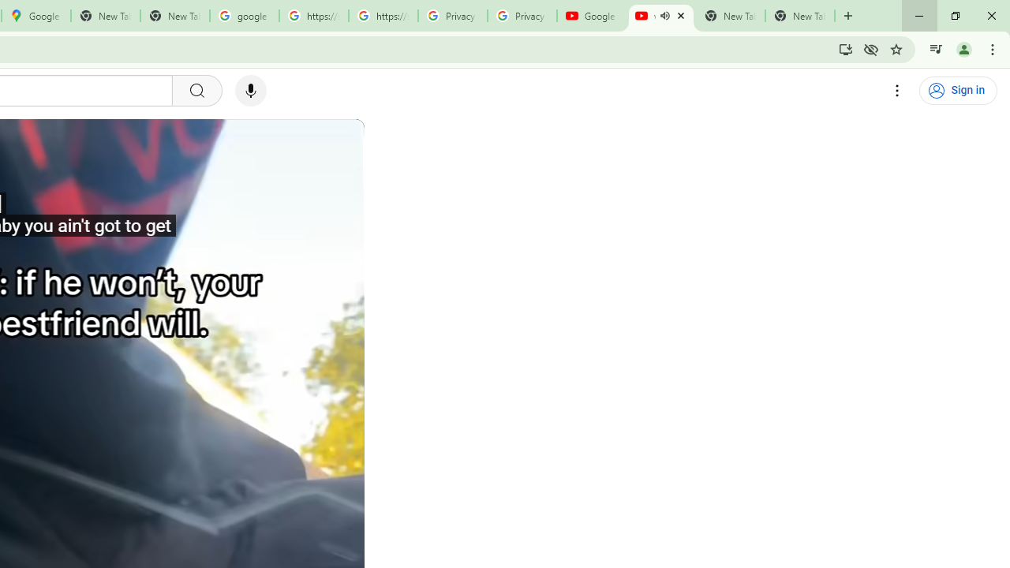 The image size is (1010, 568). I want to click on 'Install YouTube', so click(845, 48).